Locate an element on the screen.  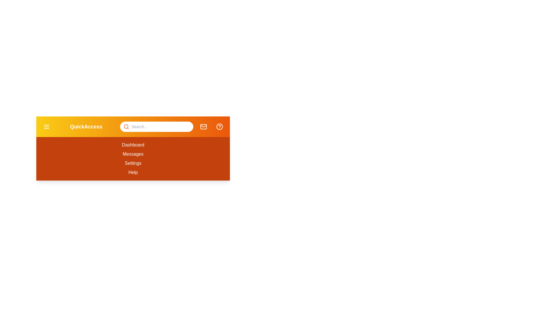
the navigation text link located in the menu between 'Messages' and 'Help' is located at coordinates (133, 163).